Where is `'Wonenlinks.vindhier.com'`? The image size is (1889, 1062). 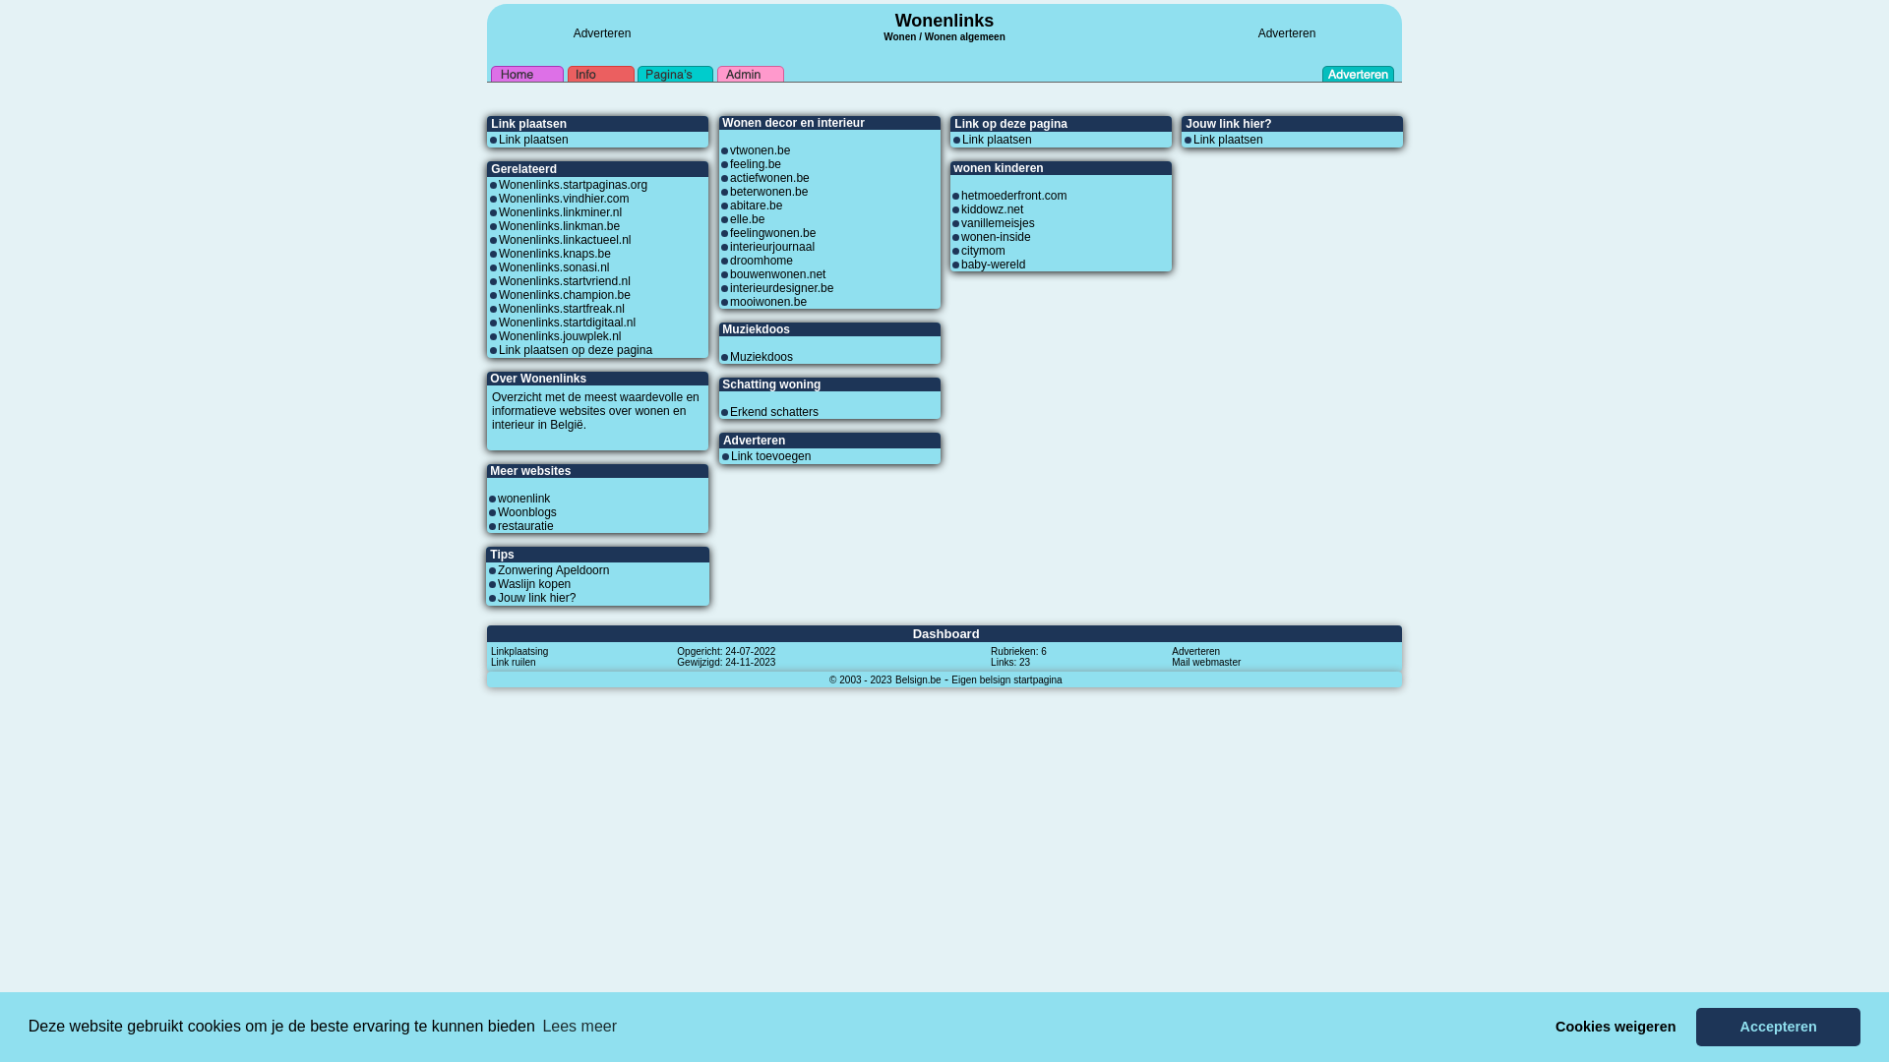 'Wonenlinks.vindhier.com' is located at coordinates (499, 198).